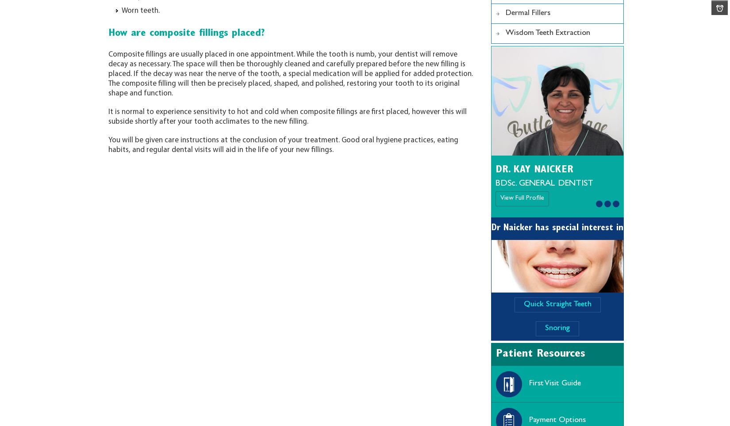  Describe the element at coordinates (545, 328) in the screenshot. I see `'Snoring'` at that location.